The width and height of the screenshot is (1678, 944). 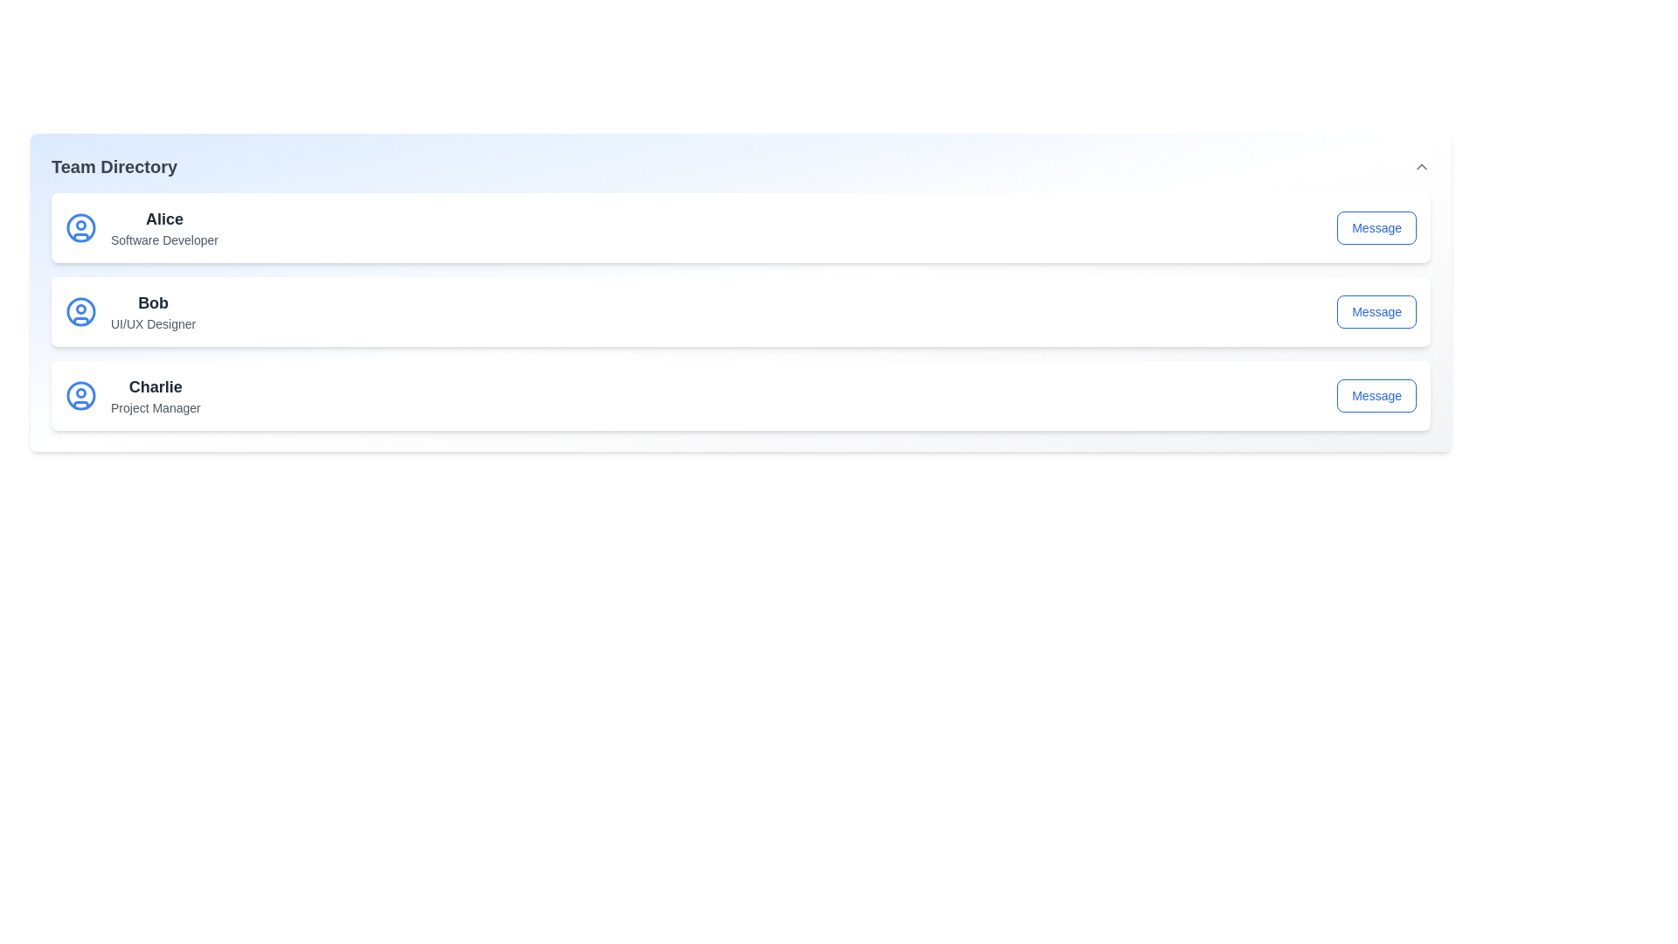 I want to click on the button that initiates a messaging interaction with the individual named 'Bob', so click(x=1376, y=311).